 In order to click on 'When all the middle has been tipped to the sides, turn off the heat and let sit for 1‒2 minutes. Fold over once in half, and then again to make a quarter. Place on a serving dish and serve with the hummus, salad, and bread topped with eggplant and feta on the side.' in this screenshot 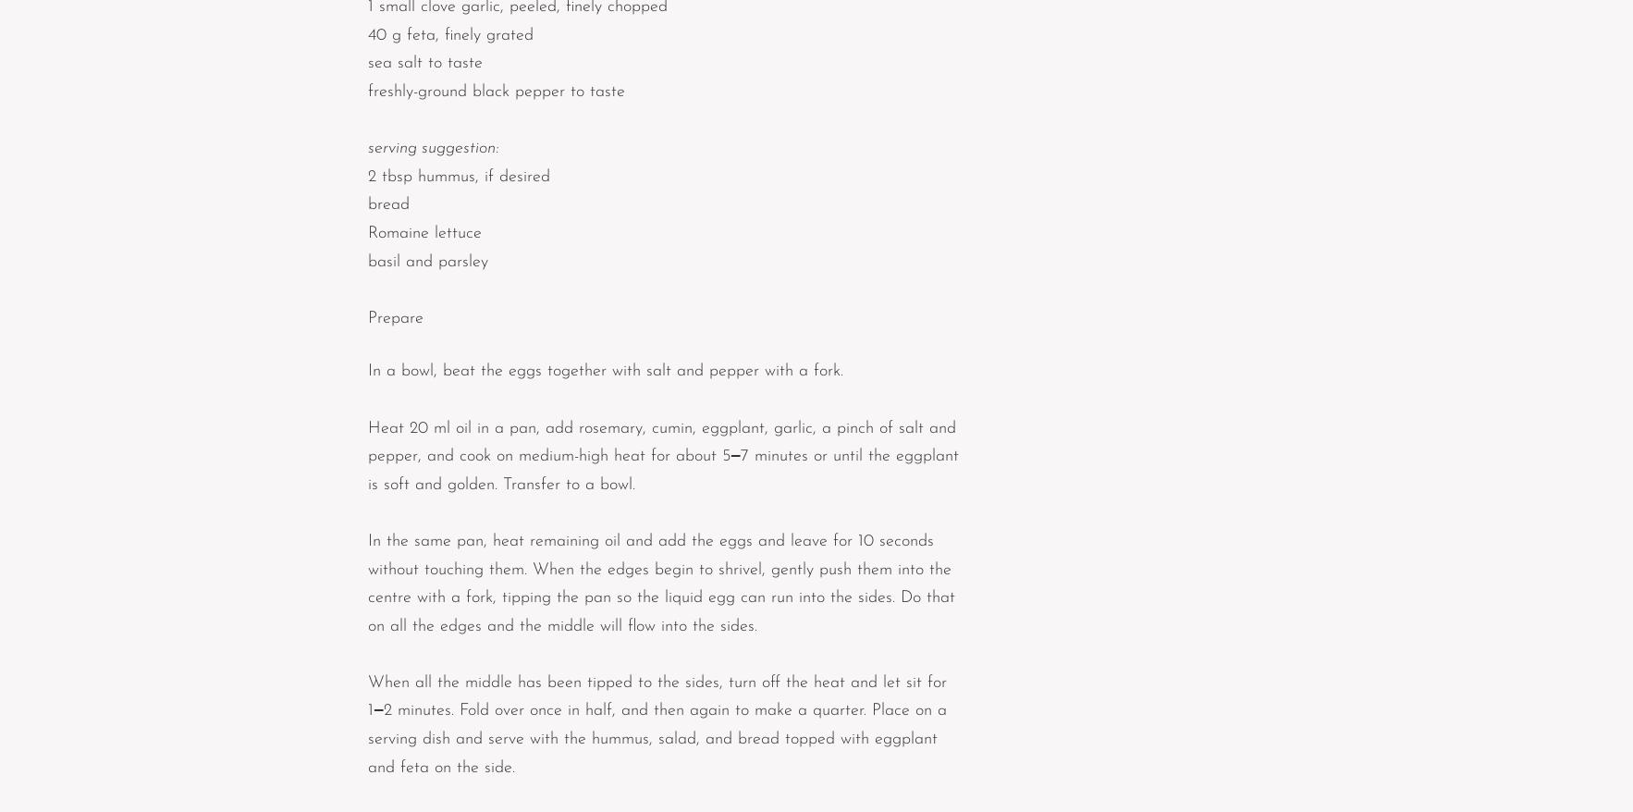, I will do `click(367, 724)`.